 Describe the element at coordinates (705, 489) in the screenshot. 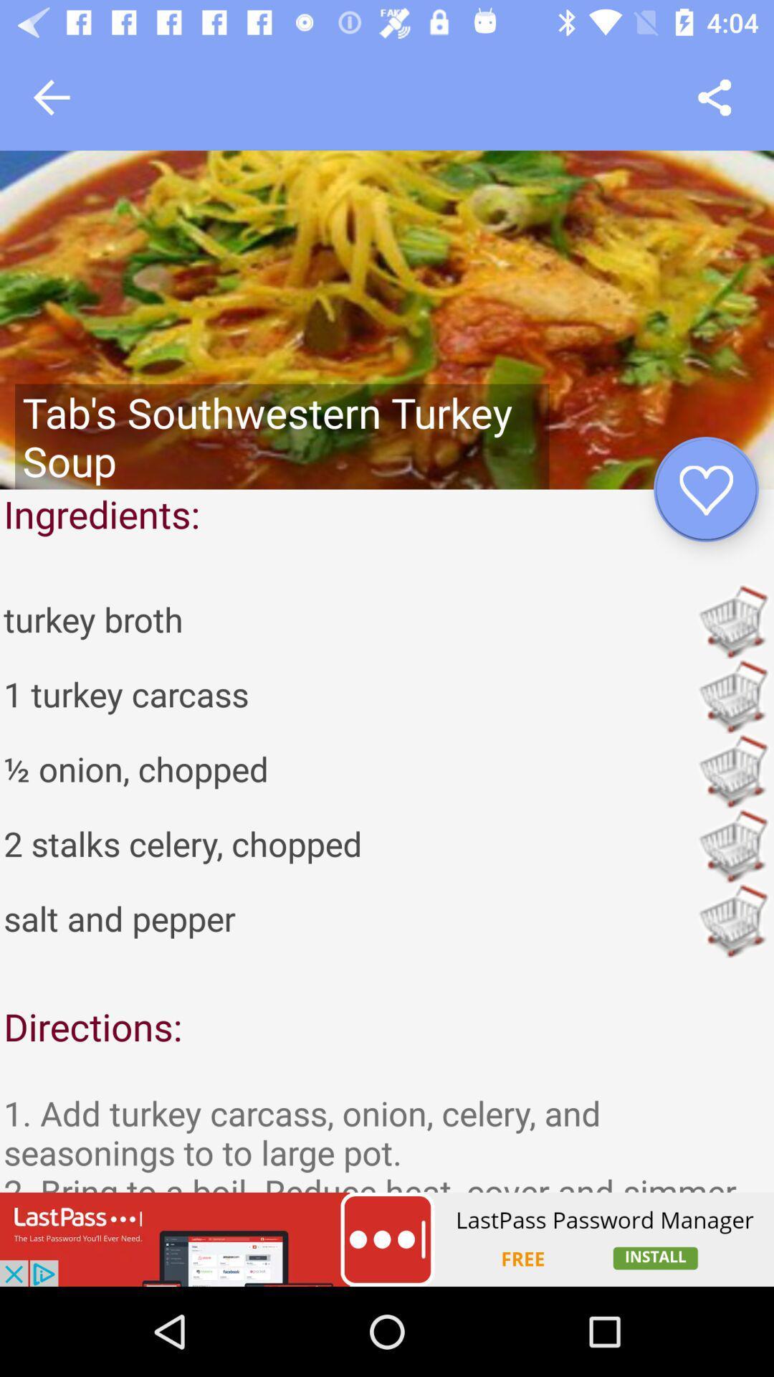

I see `the favorite icon` at that location.